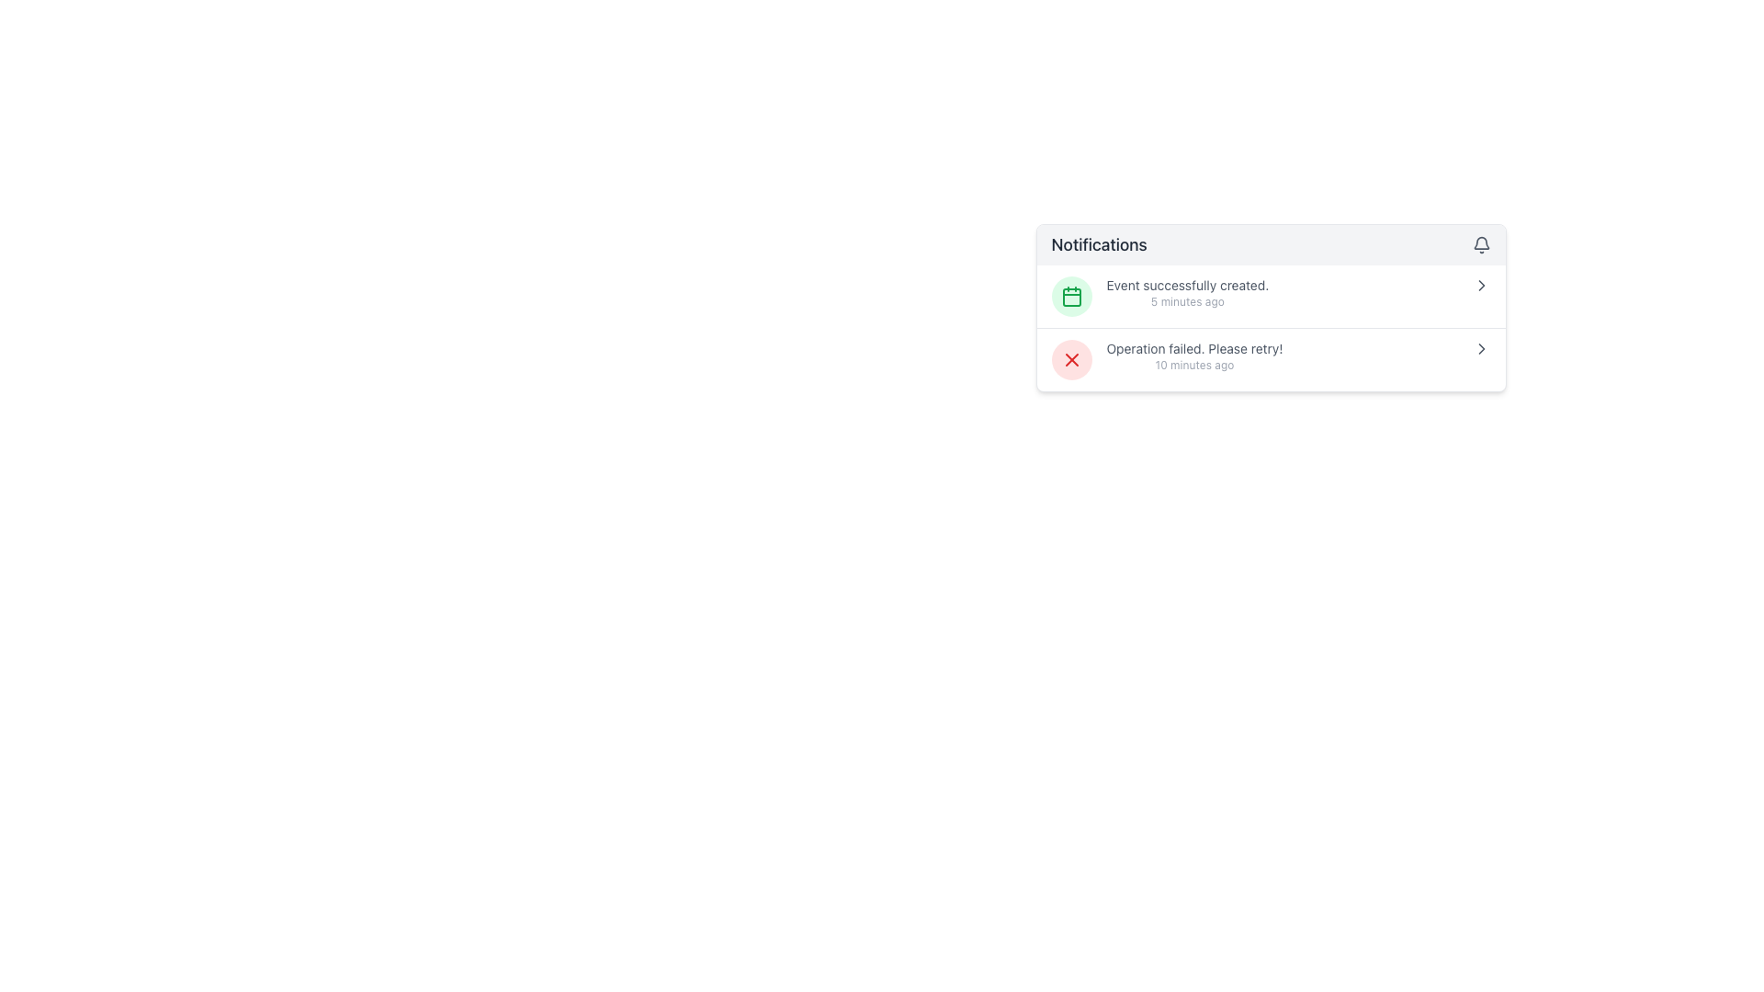  Describe the element at coordinates (1099, 243) in the screenshot. I see `the 'Notifications' text label, which is styled in a large, bold font with a gray color, located at the top of the notification panel` at that location.